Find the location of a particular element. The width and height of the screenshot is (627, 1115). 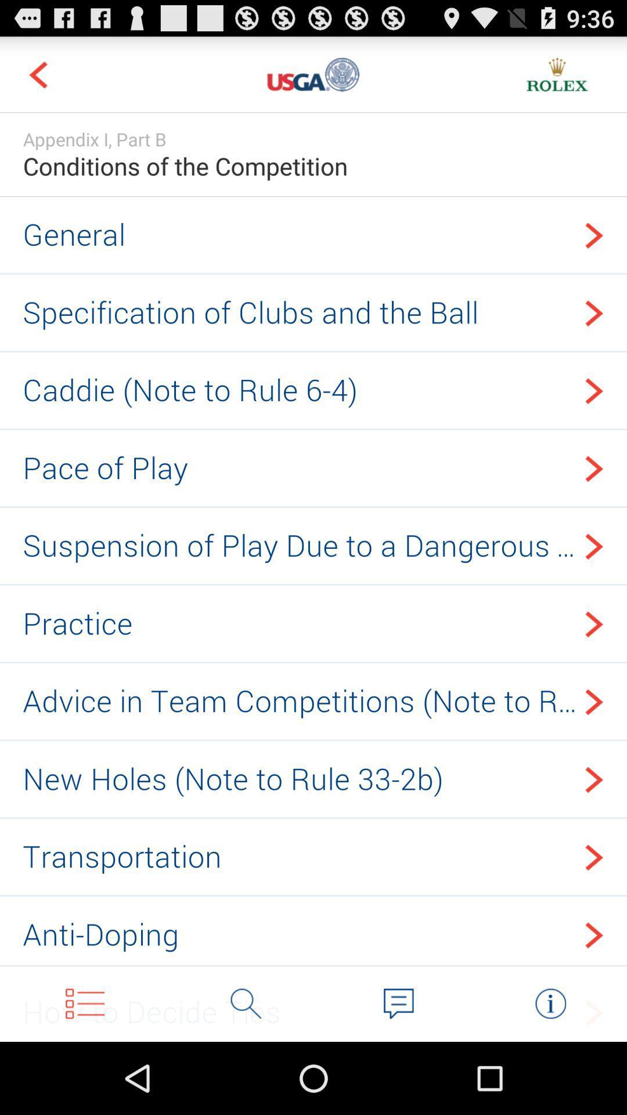

the arrow_backward icon is located at coordinates (37, 79).